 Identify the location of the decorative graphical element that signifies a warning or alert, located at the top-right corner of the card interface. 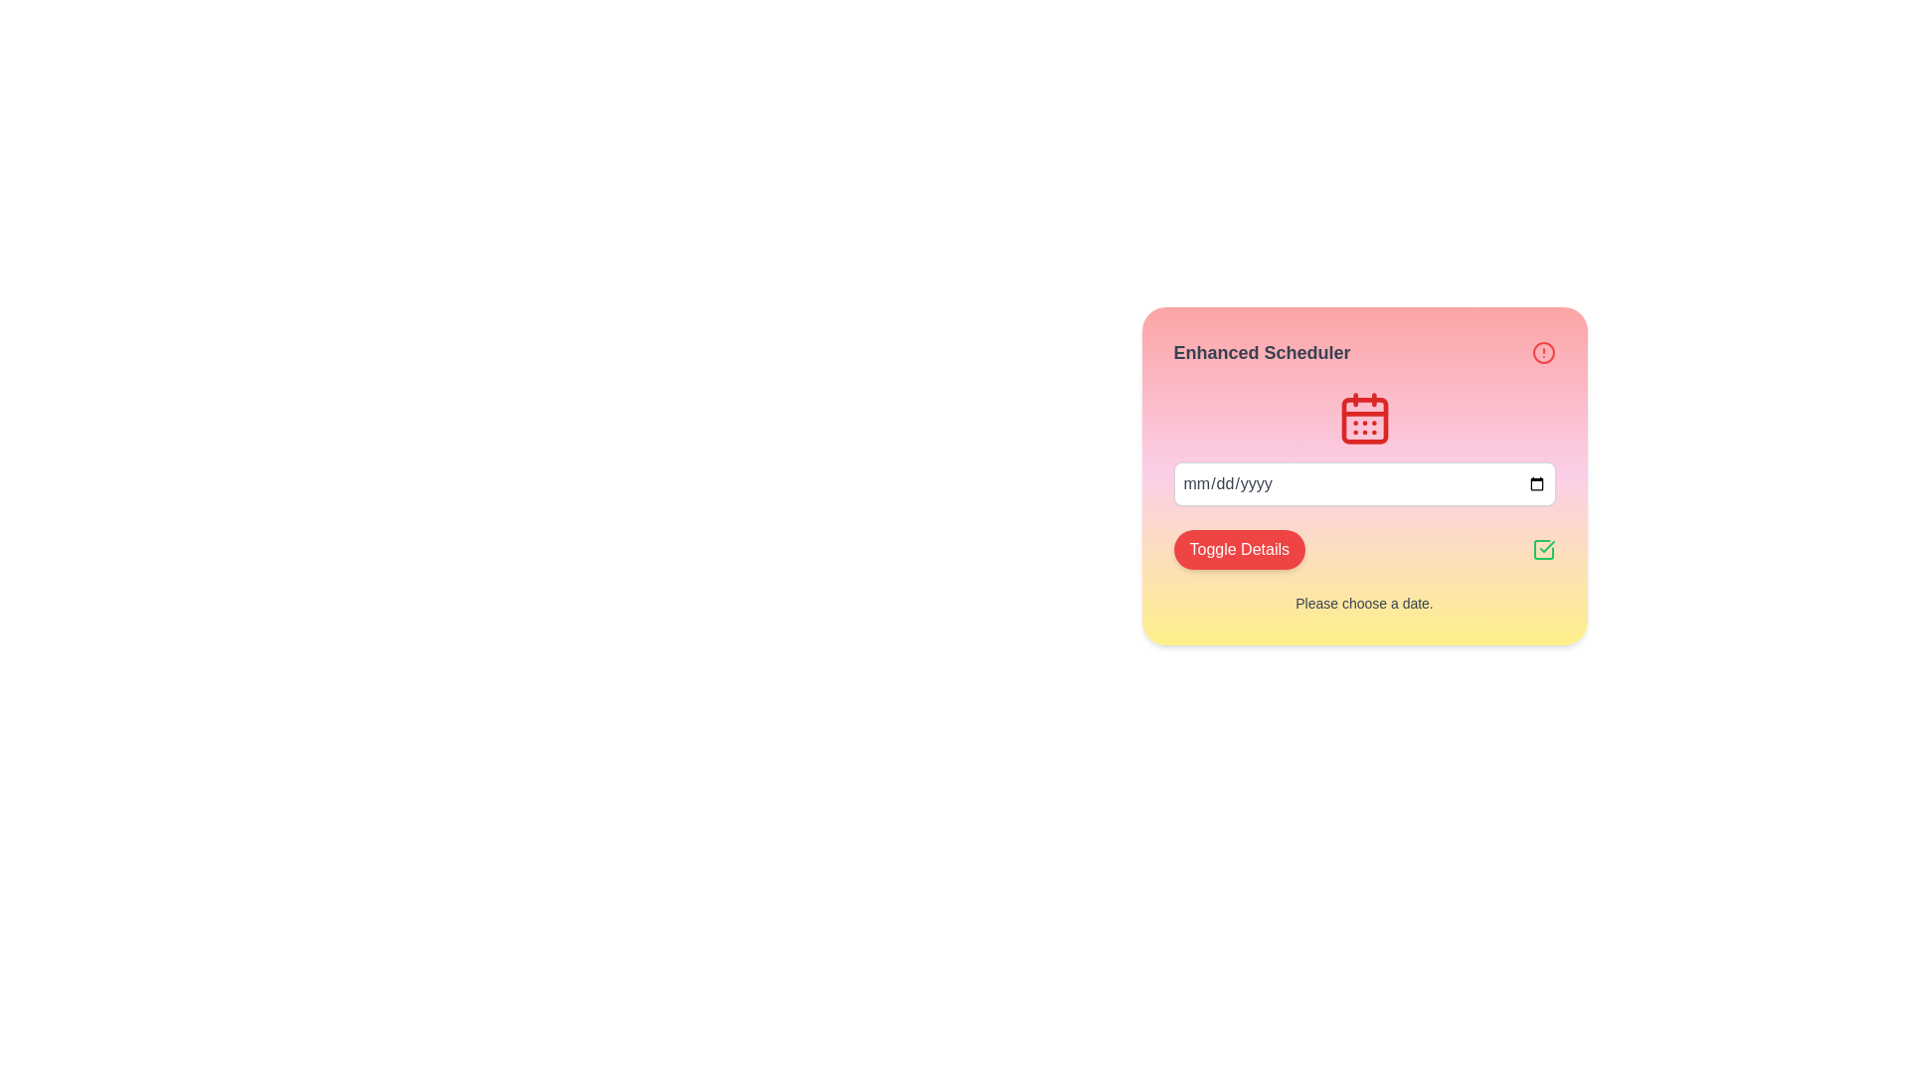
(1542, 351).